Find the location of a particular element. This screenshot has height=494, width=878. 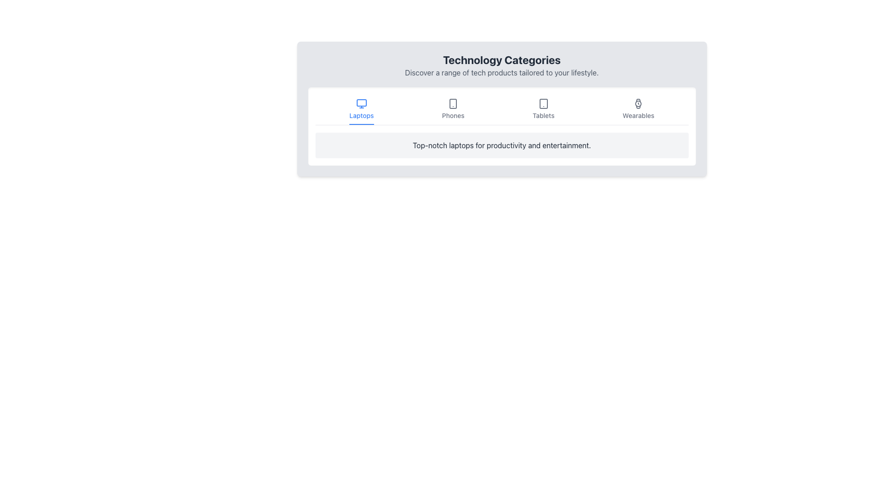

the 'Laptops' navigation button located at the top left of the technology categories menu is located at coordinates (361, 109).